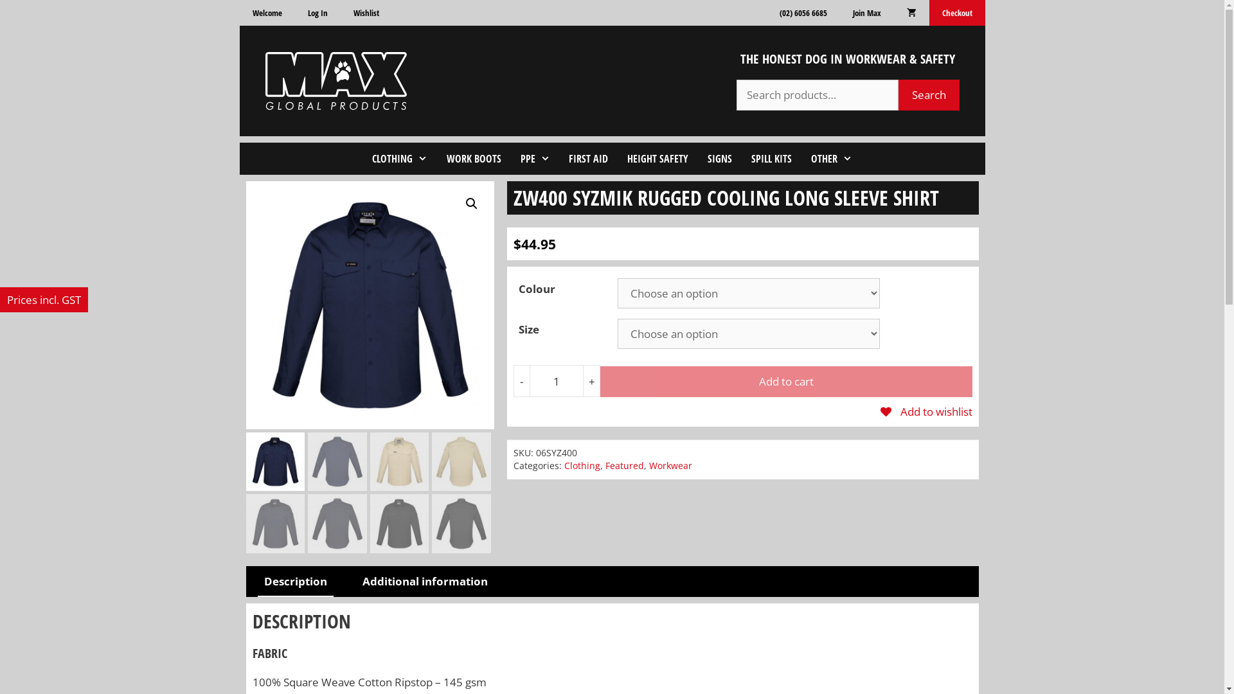 Image resolution: width=1234 pixels, height=694 pixels. What do you see at coordinates (591, 380) in the screenshot?
I see `'+'` at bounding box center [591, 380].